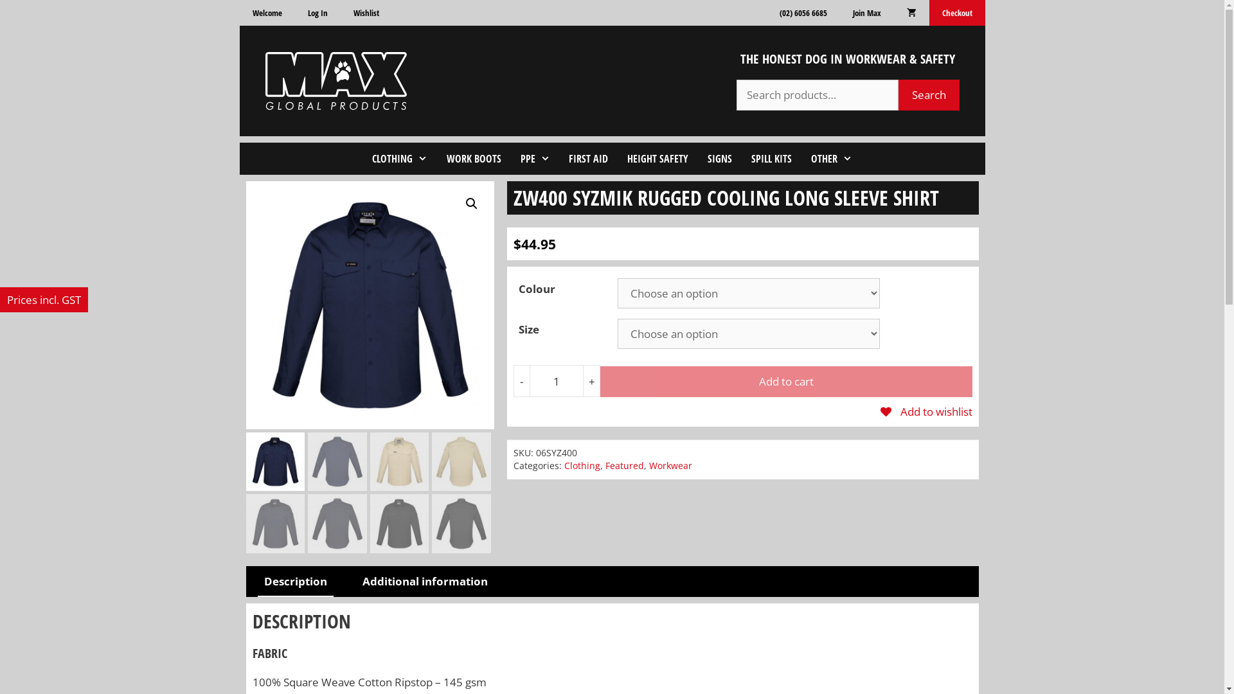 Image resolution: width=1234 pixels, height=694 pixels. What do you see at coordinates (591, 380) in the screenshot?
I see `'+'` at bounding box center [591, 380].